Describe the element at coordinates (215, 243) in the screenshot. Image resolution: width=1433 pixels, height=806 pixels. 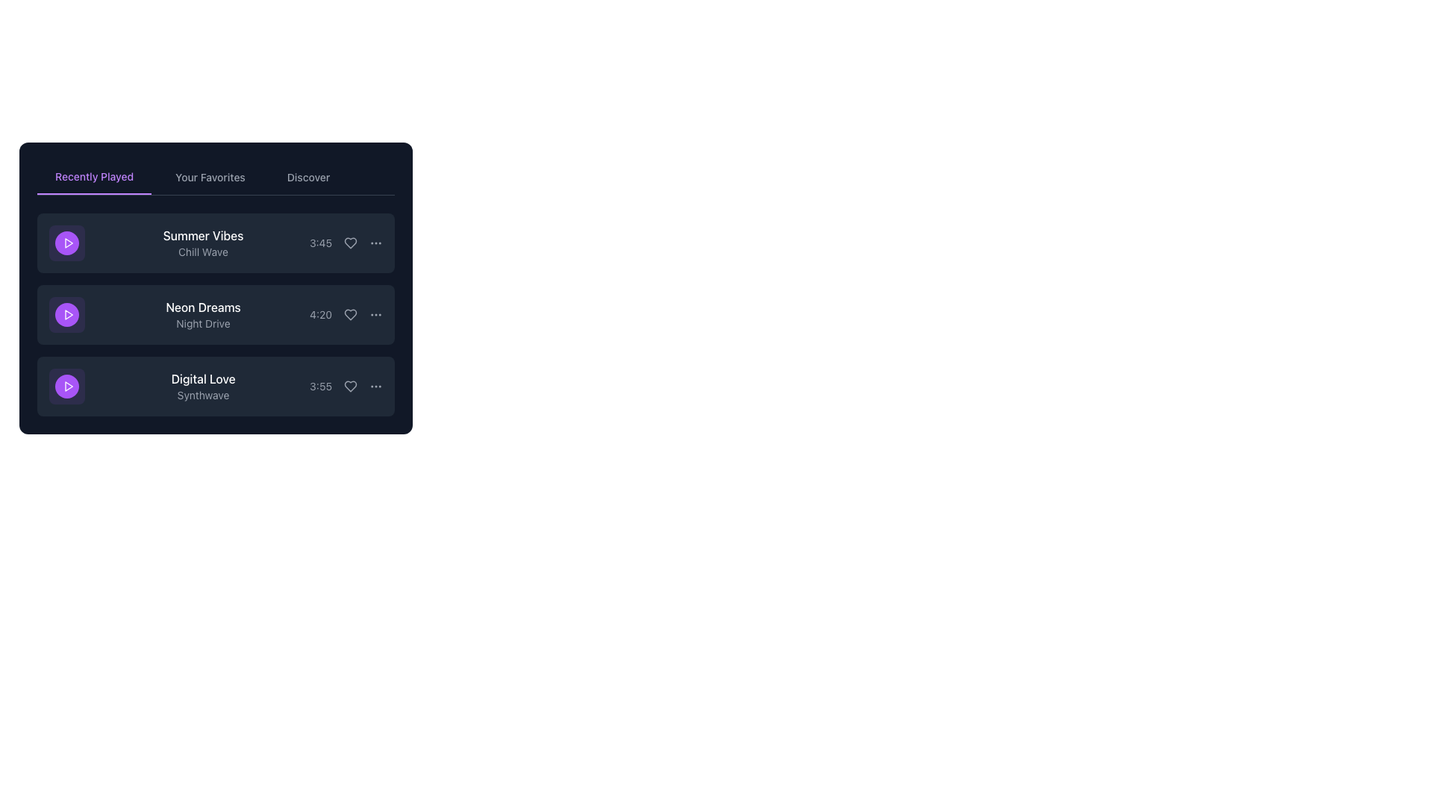
I see `to select the first list item labeled 'Summer Vibes' with a dark gray background, which contains the duration '3:45' and interactive icons on the right` at that location.